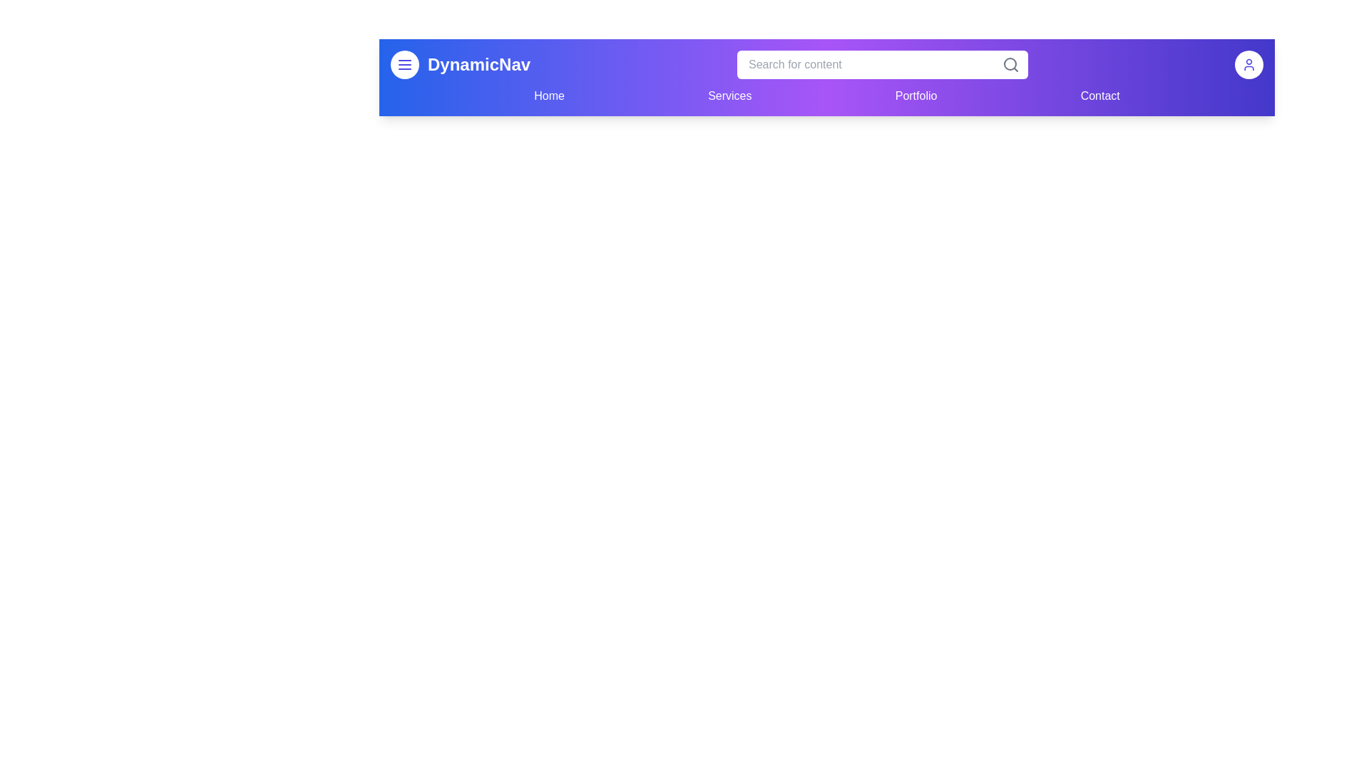 The width and height of the screenshot is (1369, 770). Describe the element at coordinates (916, 96) in the screenshot. I see `the navigation link labeled Portfolio to navigate to the corresponding page` at that location.